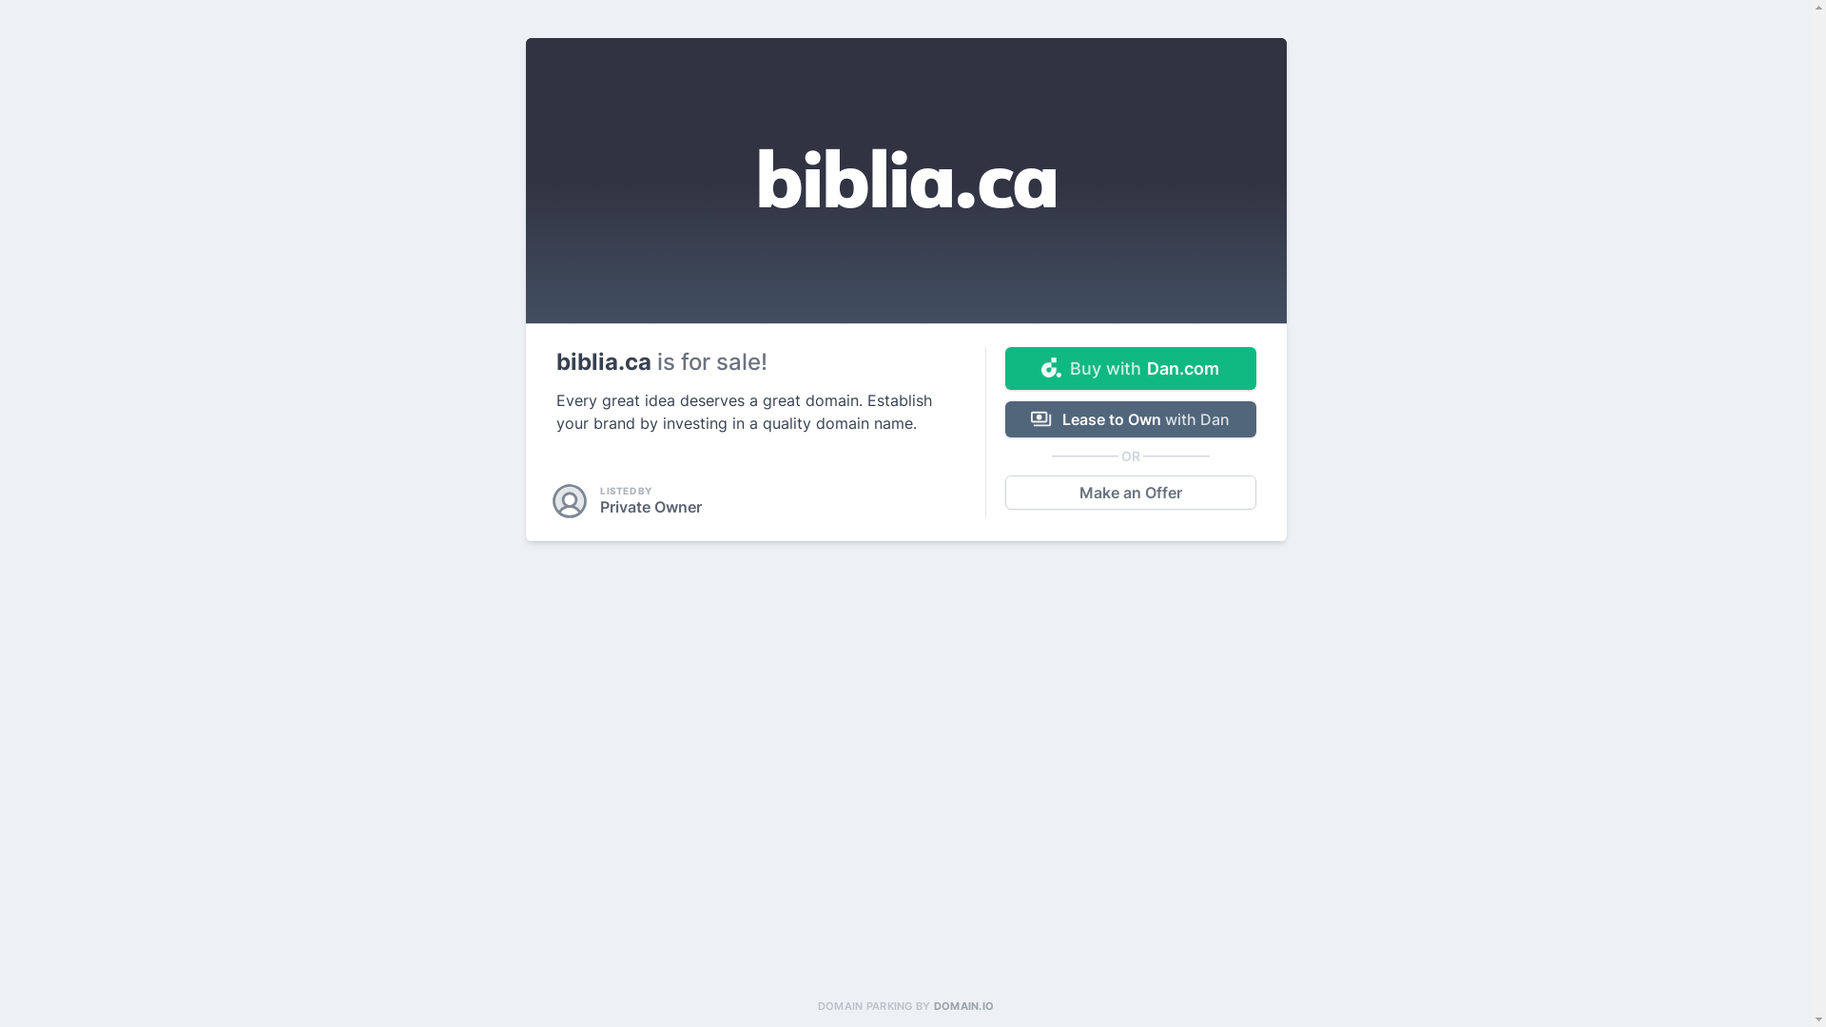  Describe the element at coordinates (1130, 417) in the screenshot. I see `'Lease to Own with Dan'` at that location.